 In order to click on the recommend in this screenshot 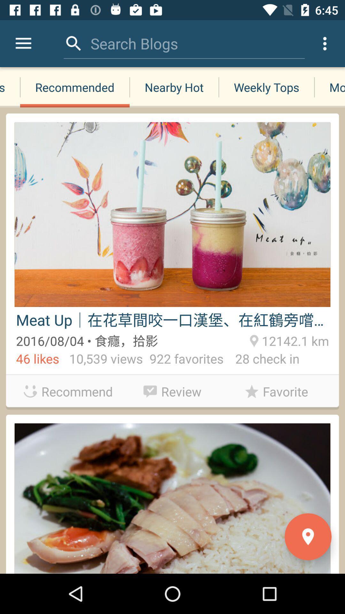, I will do `click(68, 391)`.